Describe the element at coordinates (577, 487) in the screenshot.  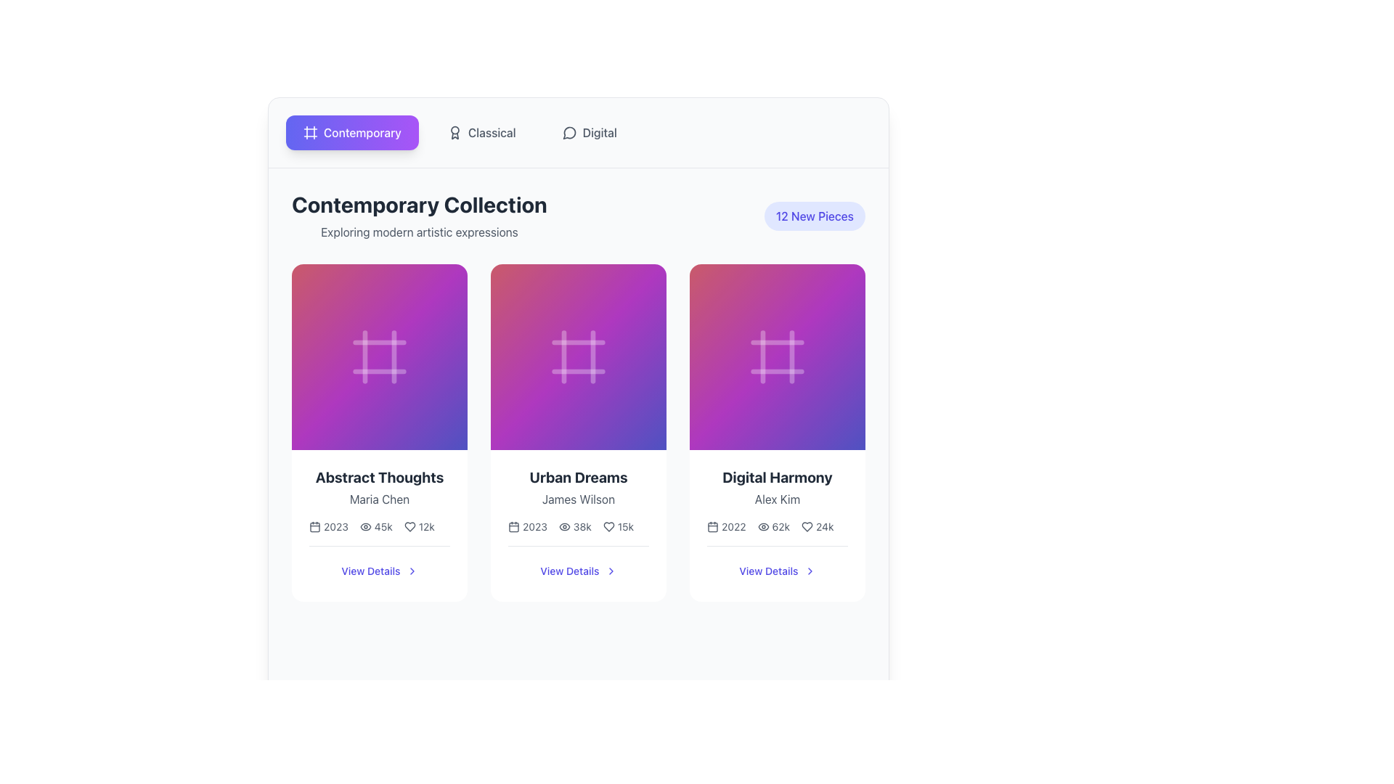
I see `text from the centered text block displaying 'Urban Dreams' and 'James Wilson' located in the middle card of the three-card layout` at that location.